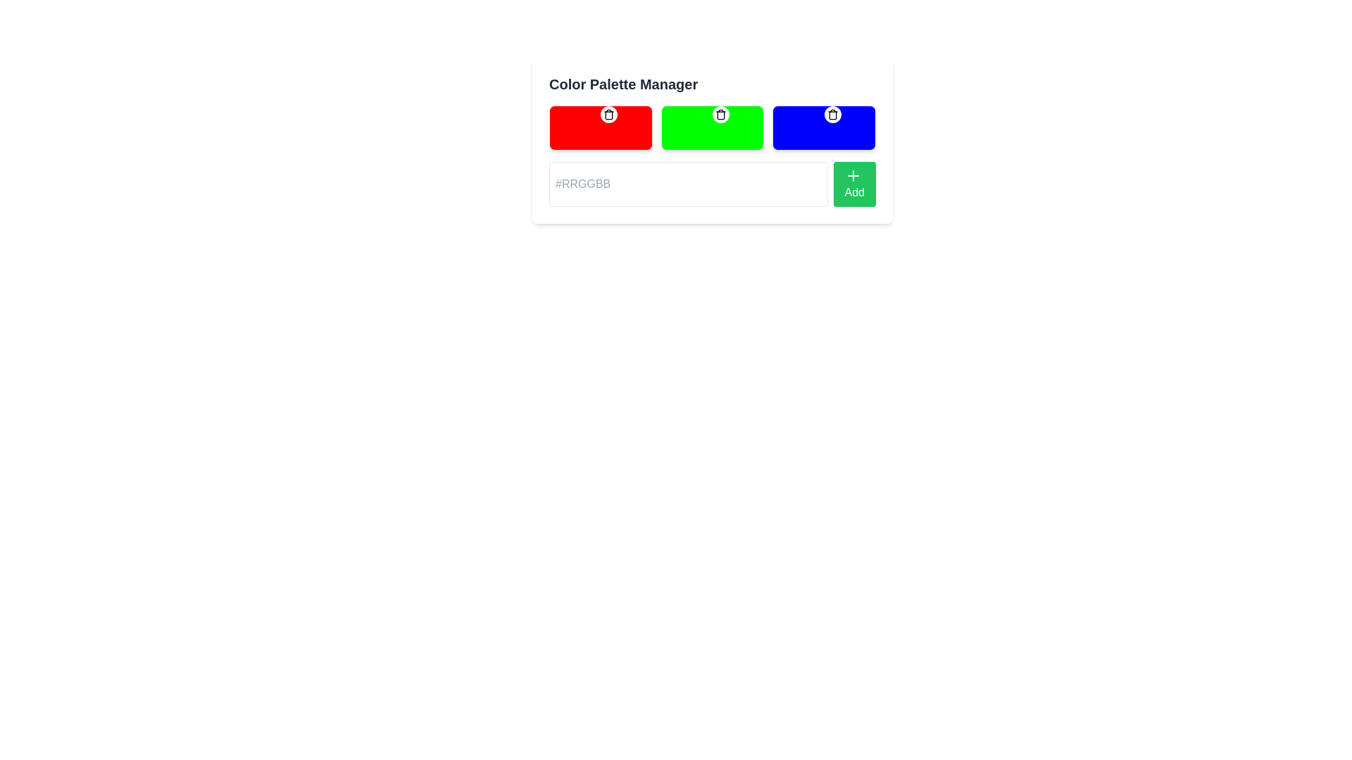  What do you see at coordinates (720, 113) in the screenshot?
I see `the trash can icon button` at bounding box center [720, 113].